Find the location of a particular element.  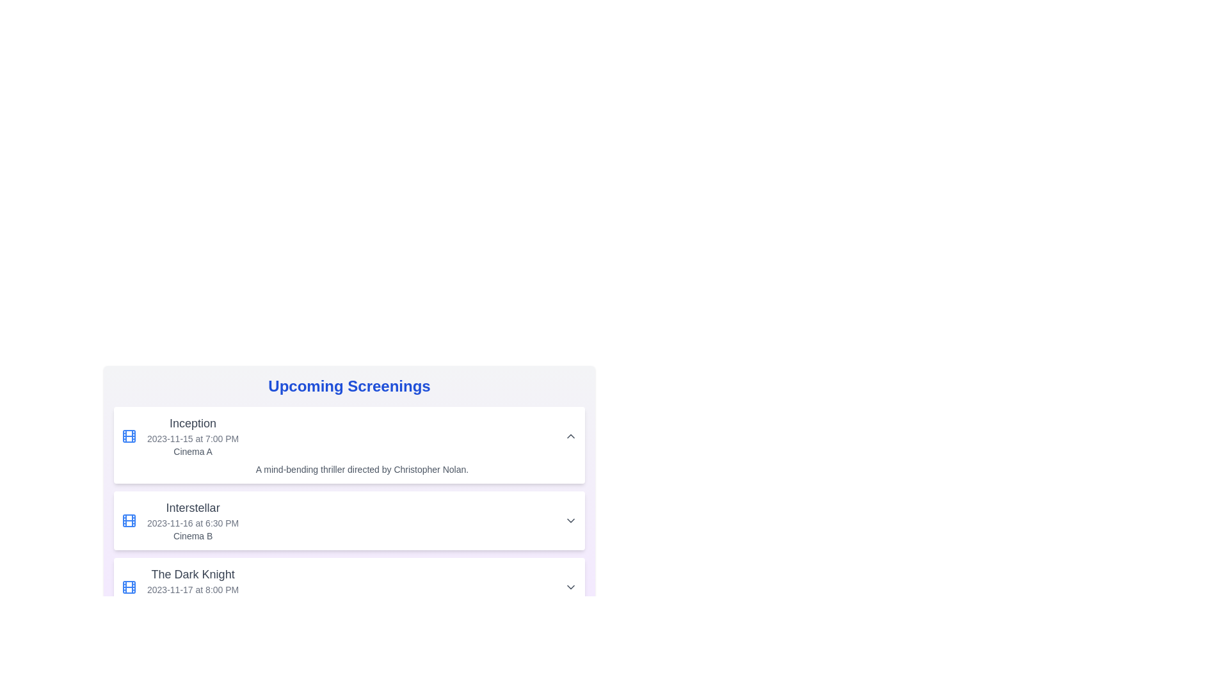

the third list item of upcoming movie screenings, which provides details such as the movie title, screening date and time, and location is located at coordinates (349, 587).